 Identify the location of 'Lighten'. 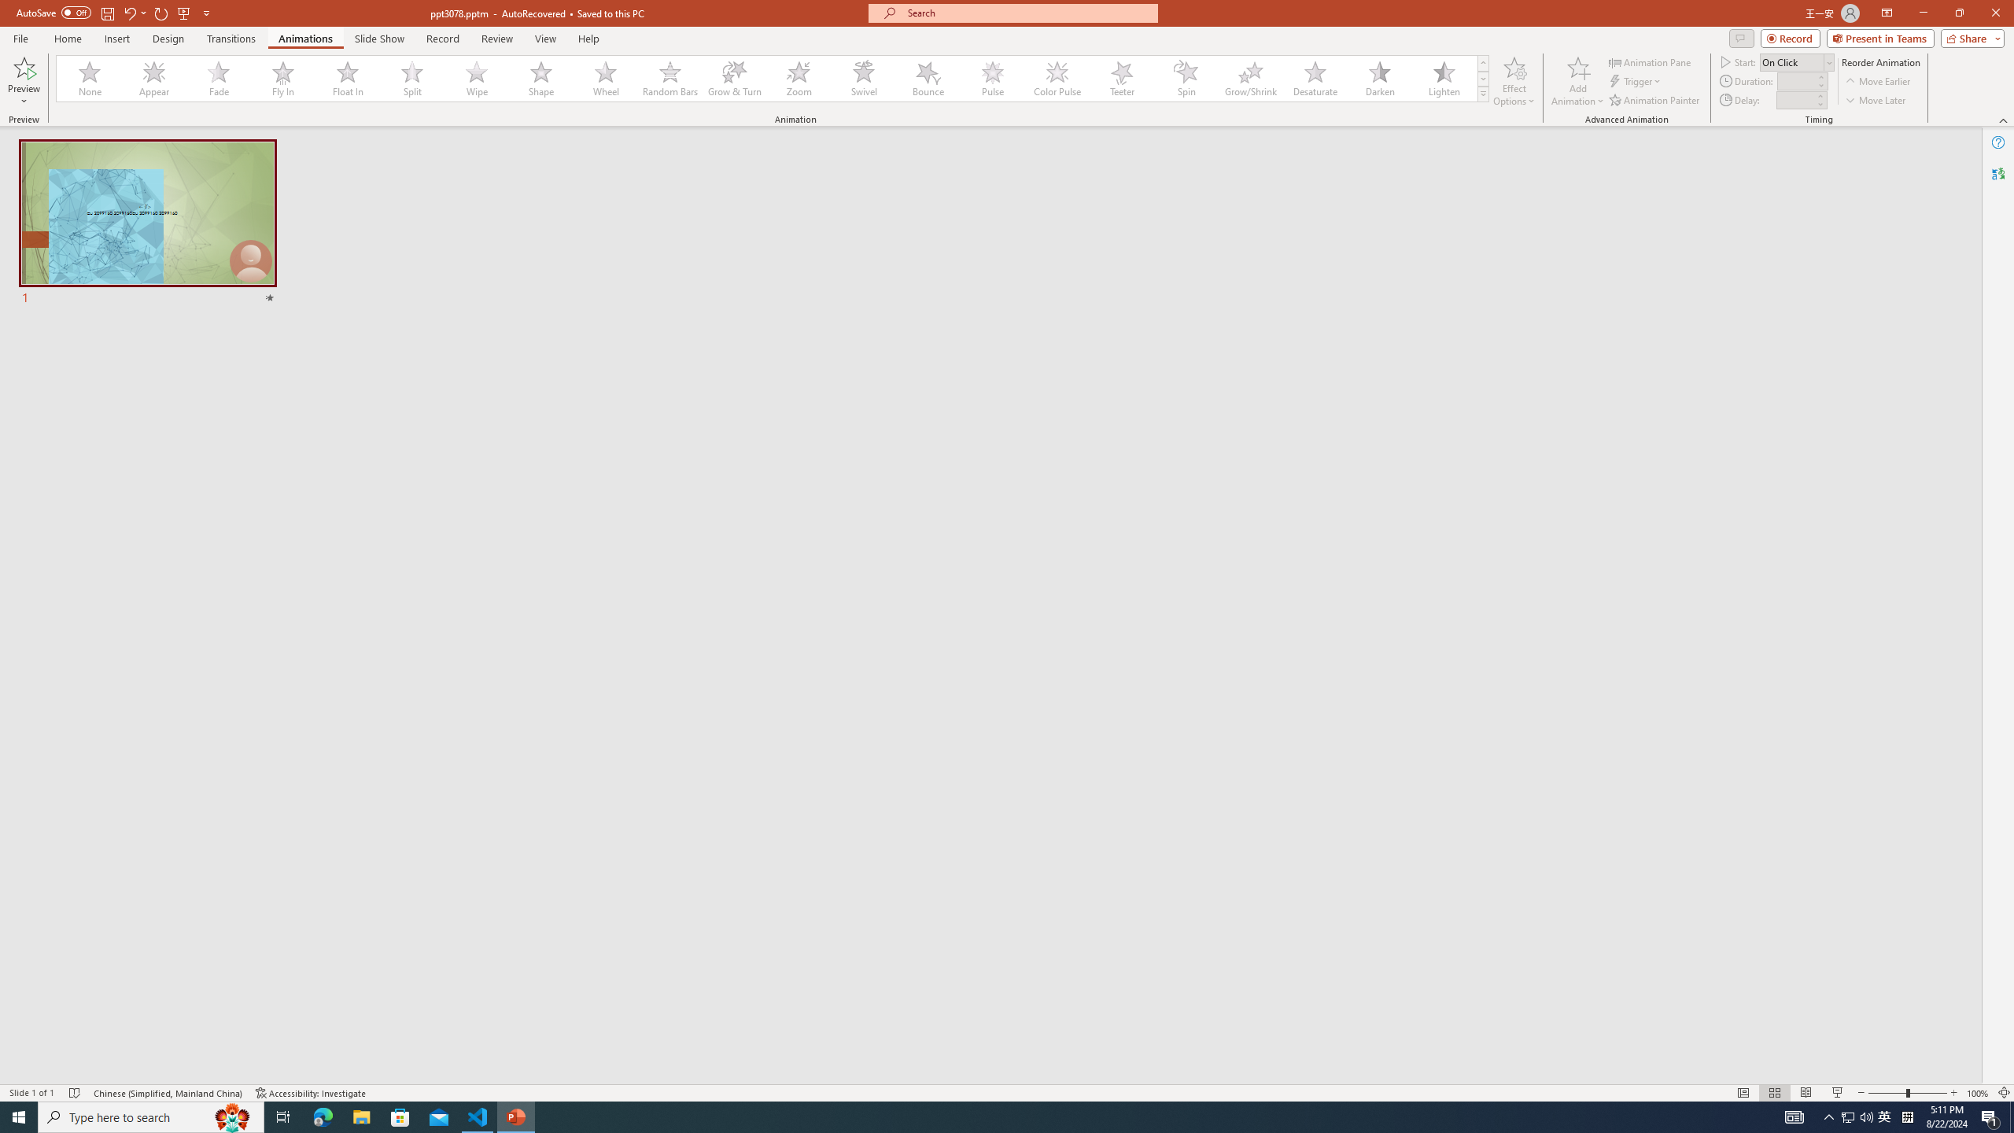
(1443, 78).